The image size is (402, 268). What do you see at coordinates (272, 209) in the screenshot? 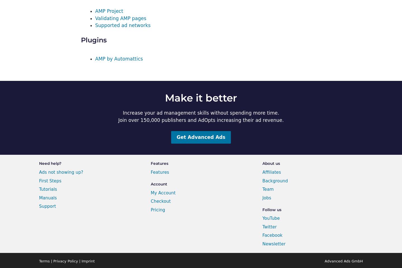
I see `'Follow us'` at bounding box center [272, 209].